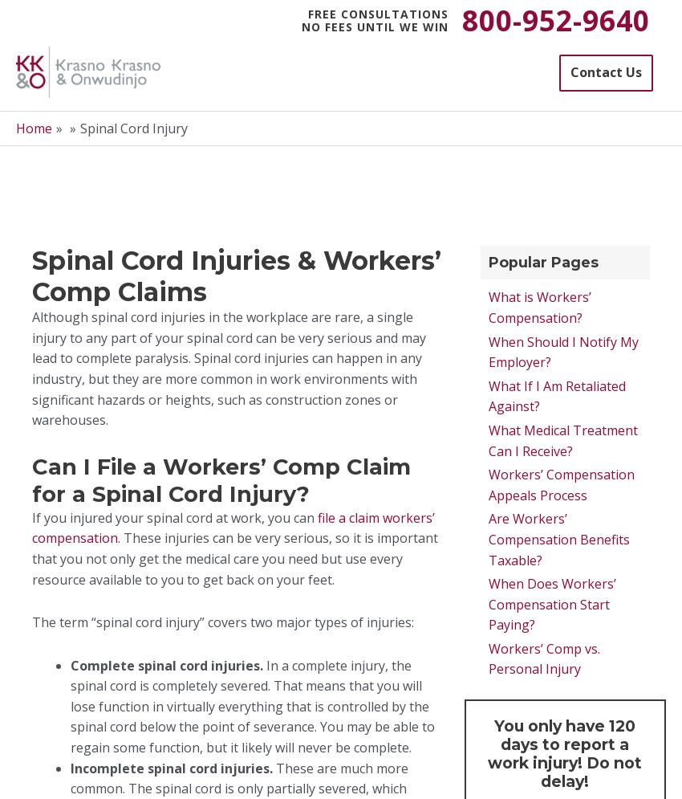 The height and width of the screenshot is (799, 682). Describe the element at coordinates (330, 279) in the screenshot. I see `'Email address'` at that location.